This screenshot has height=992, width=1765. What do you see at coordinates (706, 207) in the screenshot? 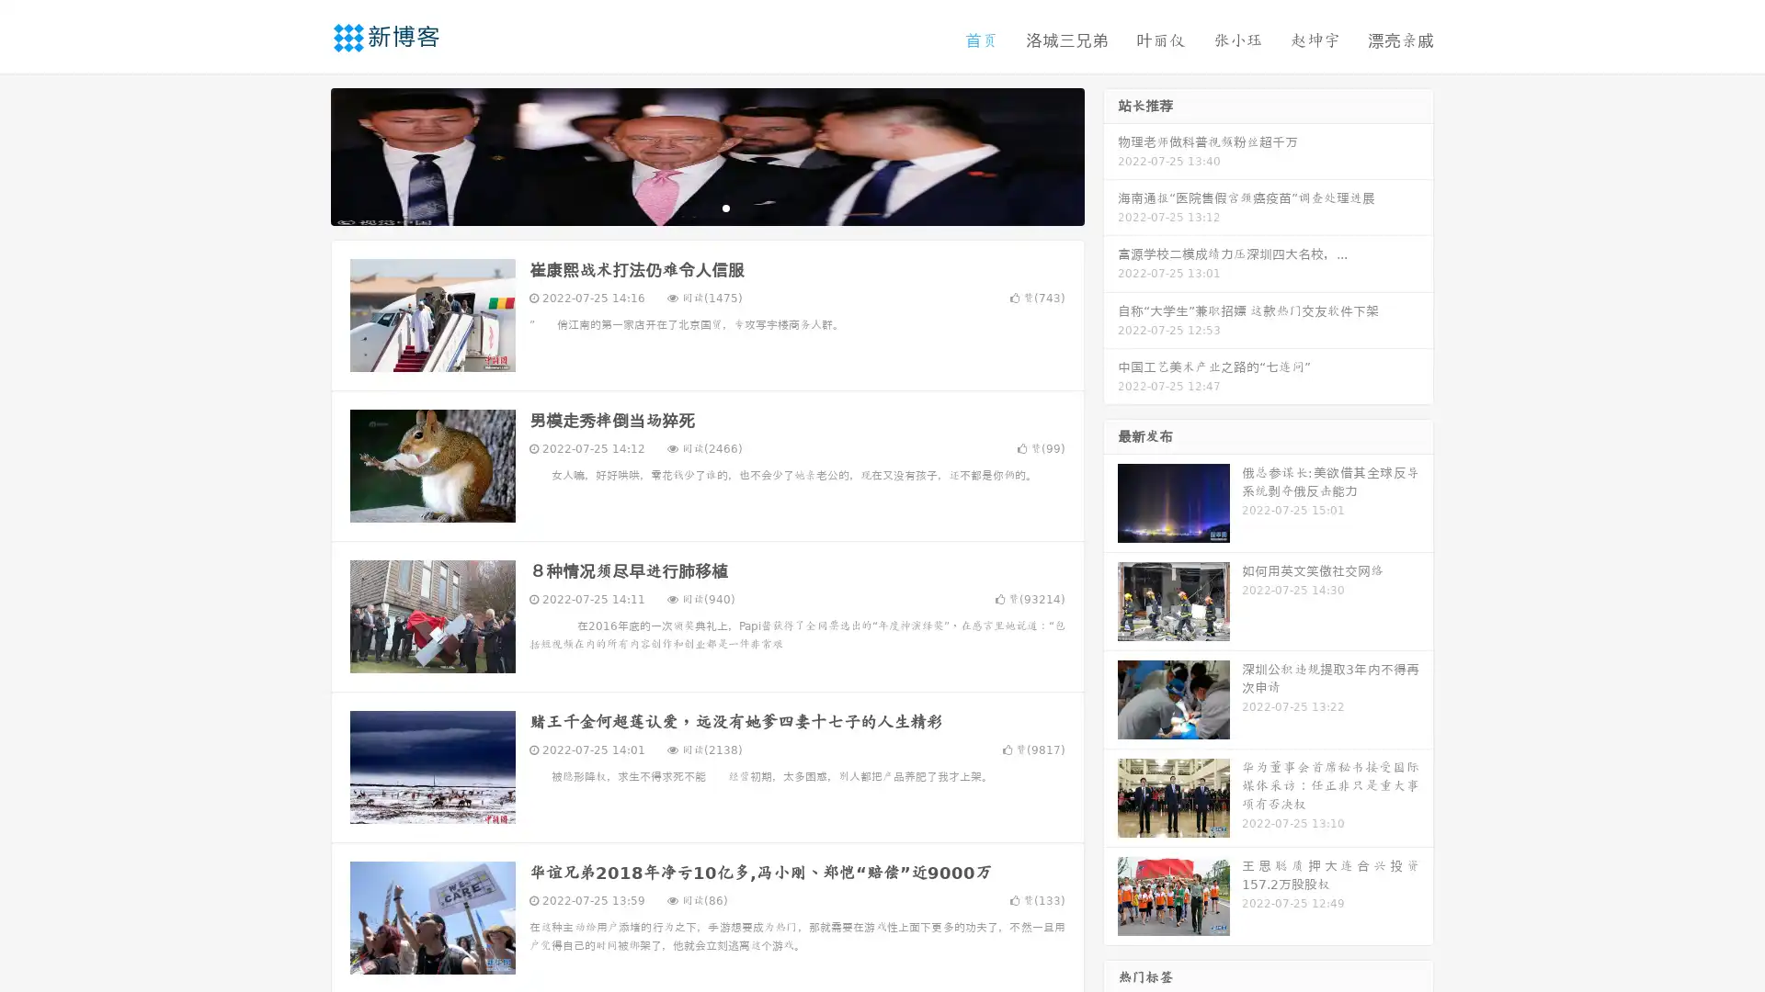
I see `Go to slide 2` at bounding box center [706, 207].